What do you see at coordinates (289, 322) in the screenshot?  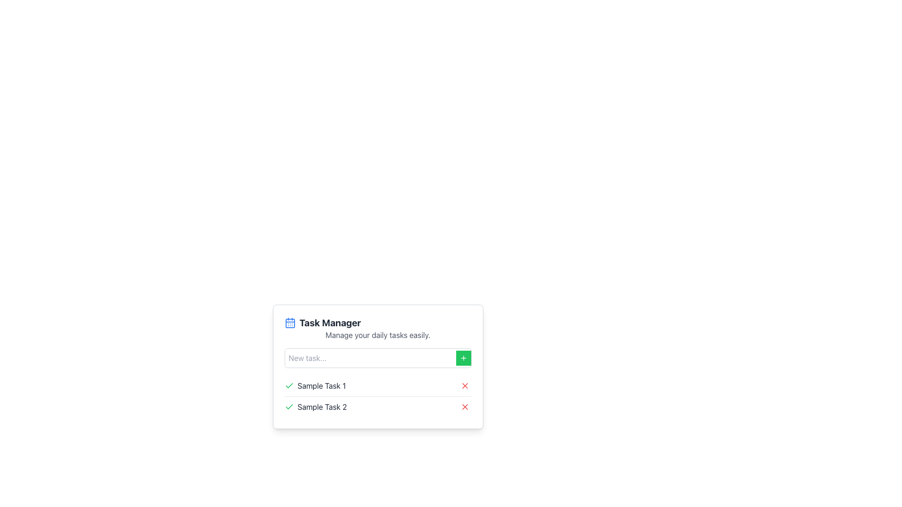 I see `the calendar icon located to the immediate left of the 'Task Manager' text in the task management section` at bounding box center [289, 322].